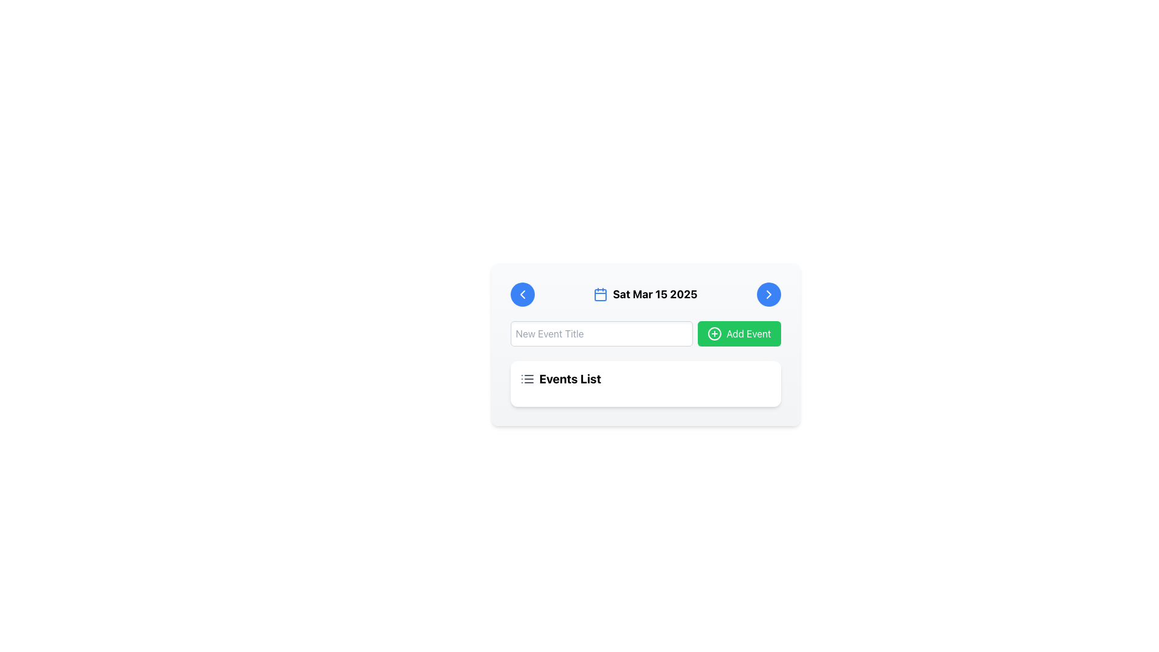 This screenshot has width=1159, height=652. I want to click on the green circular outline SVG element that is part of the '+' icon within the 'Add Event' button, positioned to the right of the 'New Event Title' input field, so click(714, 333).